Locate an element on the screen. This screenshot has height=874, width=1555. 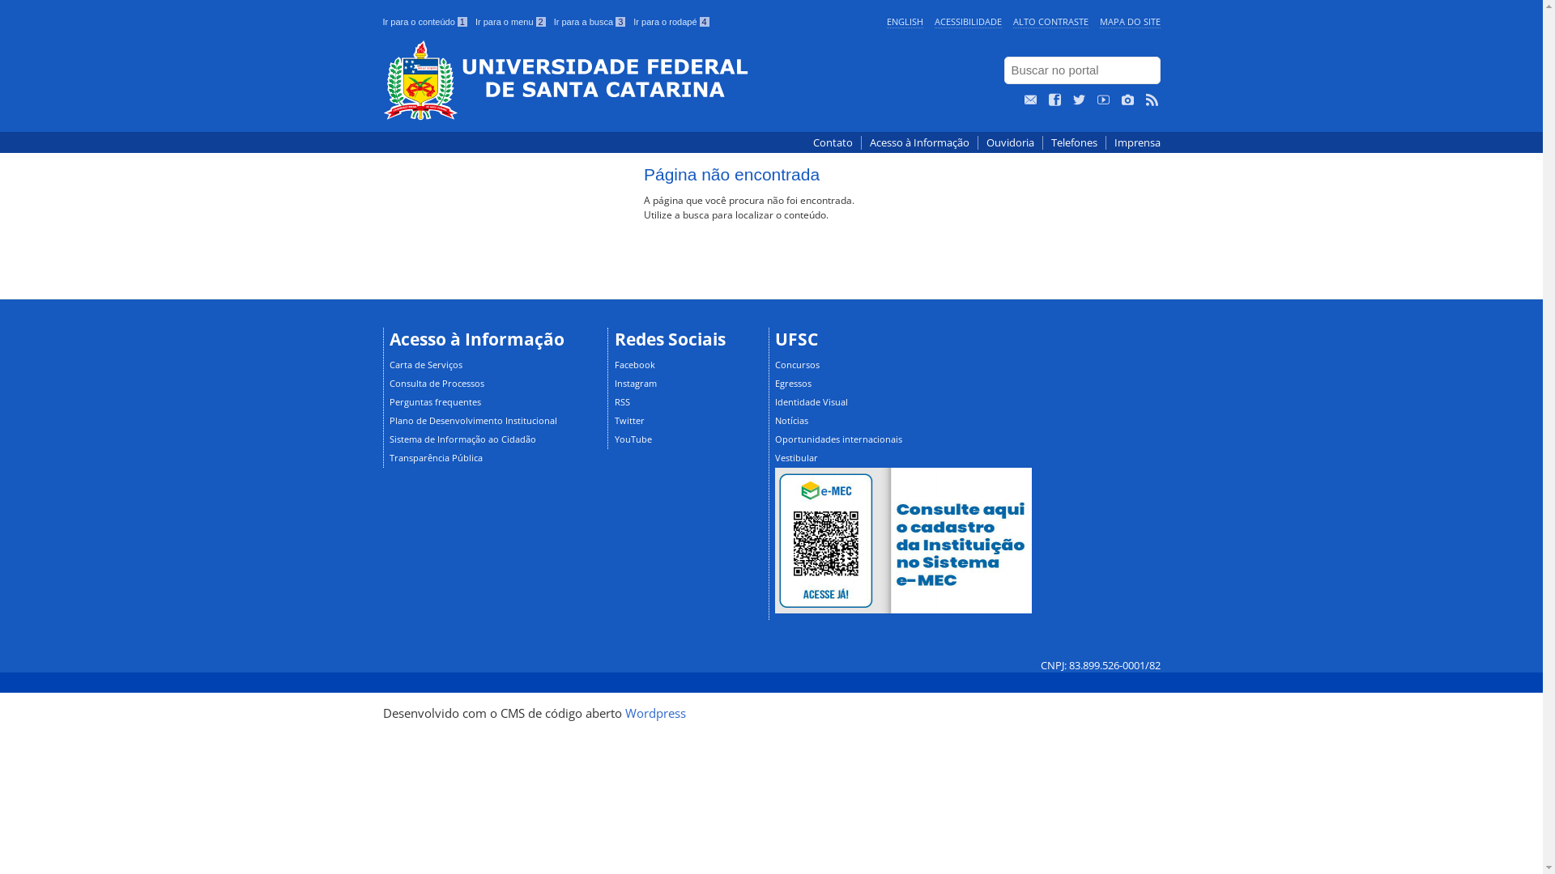
'Ir para o menu 2' is located at coordinates (509, 22).